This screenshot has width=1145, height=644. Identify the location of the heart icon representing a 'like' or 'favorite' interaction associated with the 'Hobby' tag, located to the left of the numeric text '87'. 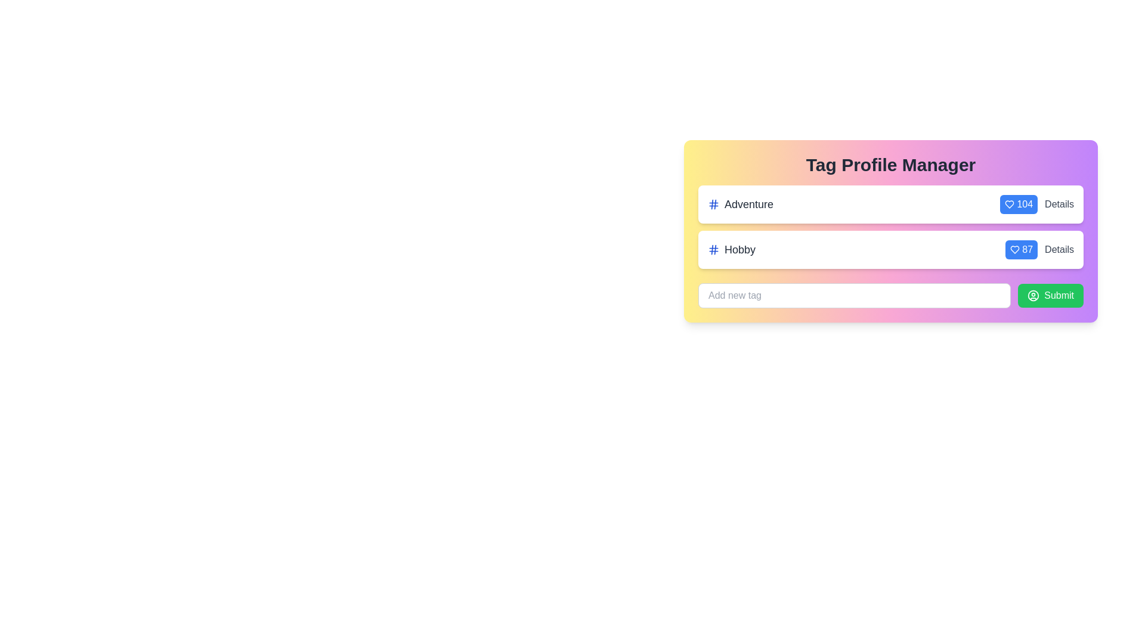
(1014, 249).